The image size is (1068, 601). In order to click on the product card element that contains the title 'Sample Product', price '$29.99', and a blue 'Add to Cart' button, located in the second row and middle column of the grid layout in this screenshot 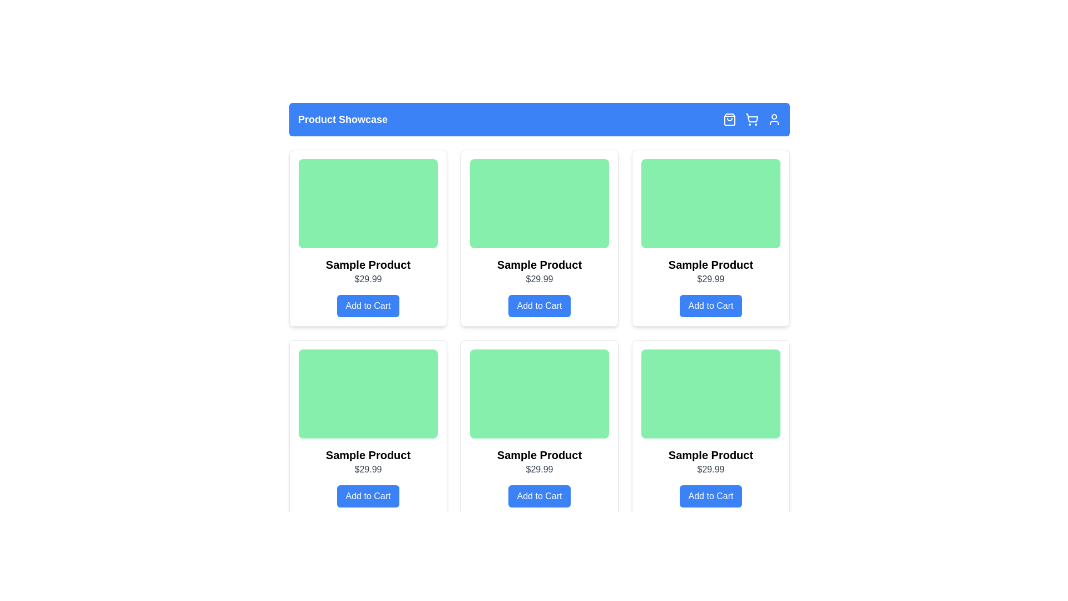, I will do `click(539, 428)`.